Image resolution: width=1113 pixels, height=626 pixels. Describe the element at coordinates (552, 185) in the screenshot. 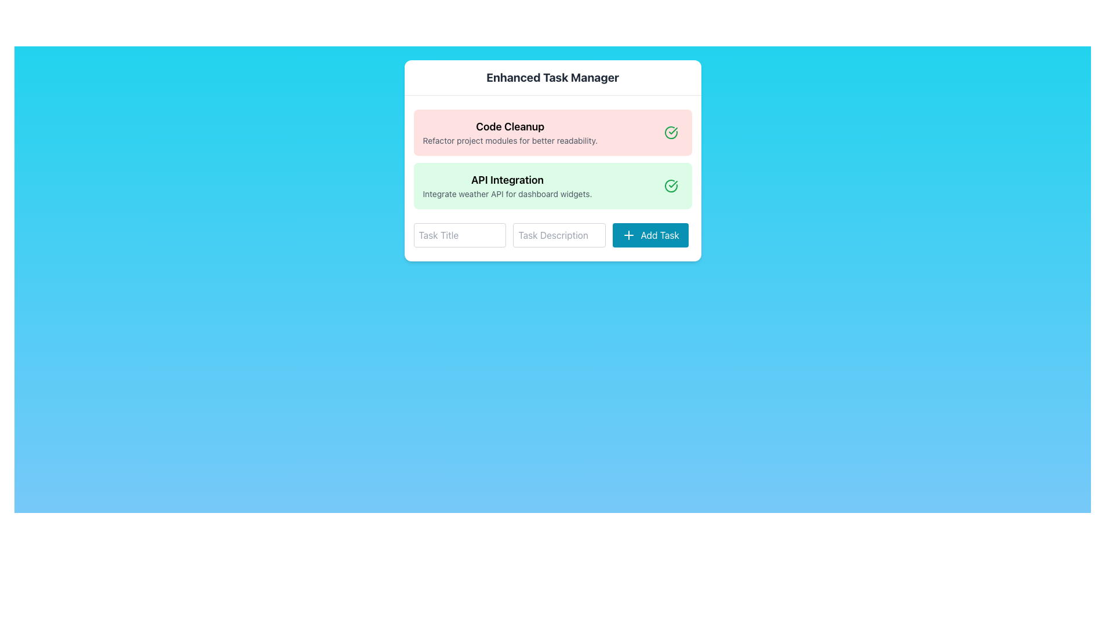

I see `the text block titled 'API Integration' which has a description about integrating weather API, located below the 'Code Cleanup' task` at that location.